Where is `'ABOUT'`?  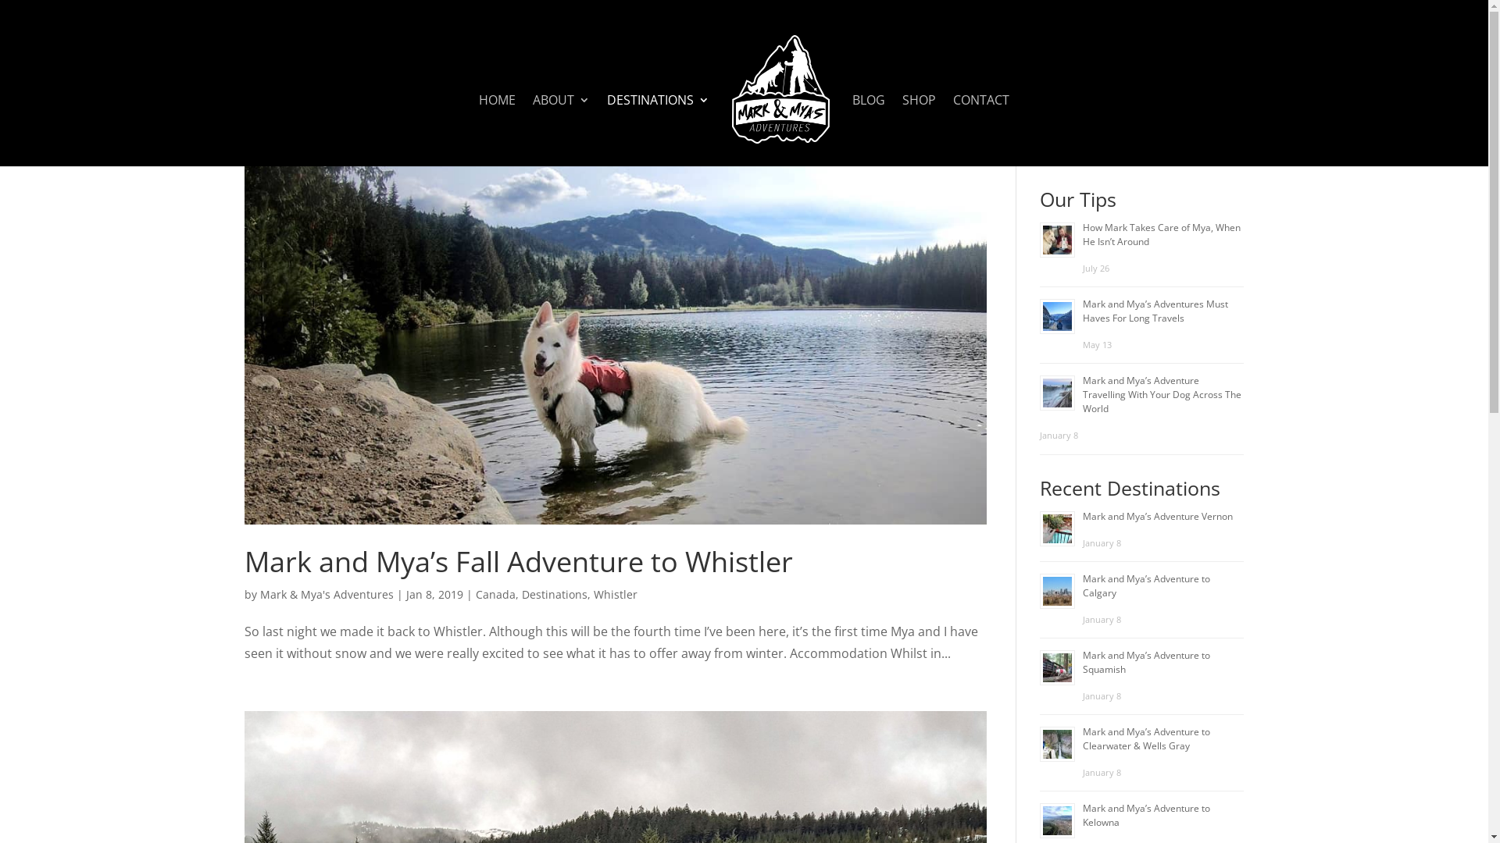
'ABOUT' is located at coordinates (561, 129).